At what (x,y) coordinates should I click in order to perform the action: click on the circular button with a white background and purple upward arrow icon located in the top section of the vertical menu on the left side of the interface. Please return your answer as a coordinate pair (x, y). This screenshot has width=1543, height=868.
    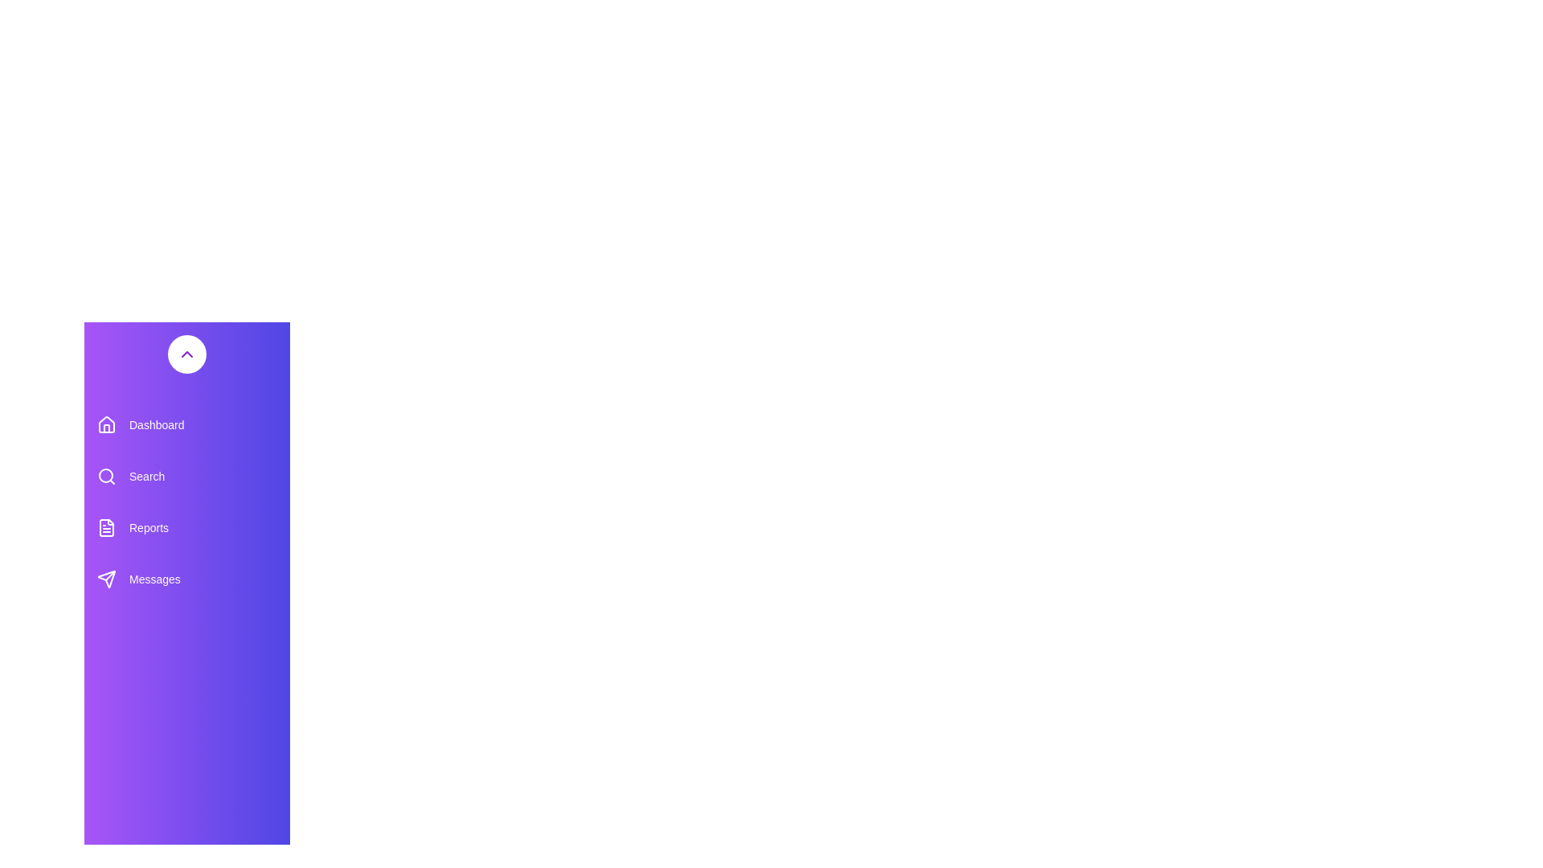
    Looking at the image, I should click on (187, 353).